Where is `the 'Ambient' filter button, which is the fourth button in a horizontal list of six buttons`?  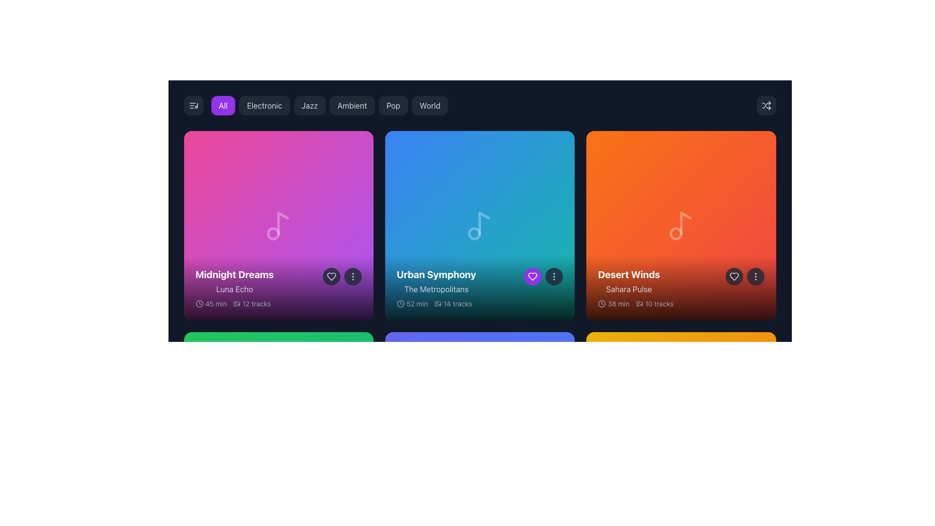 the 'Ambient' filter button, which is the fourth button in a horizontal list of six buttons is located at coordinates (352, 105).